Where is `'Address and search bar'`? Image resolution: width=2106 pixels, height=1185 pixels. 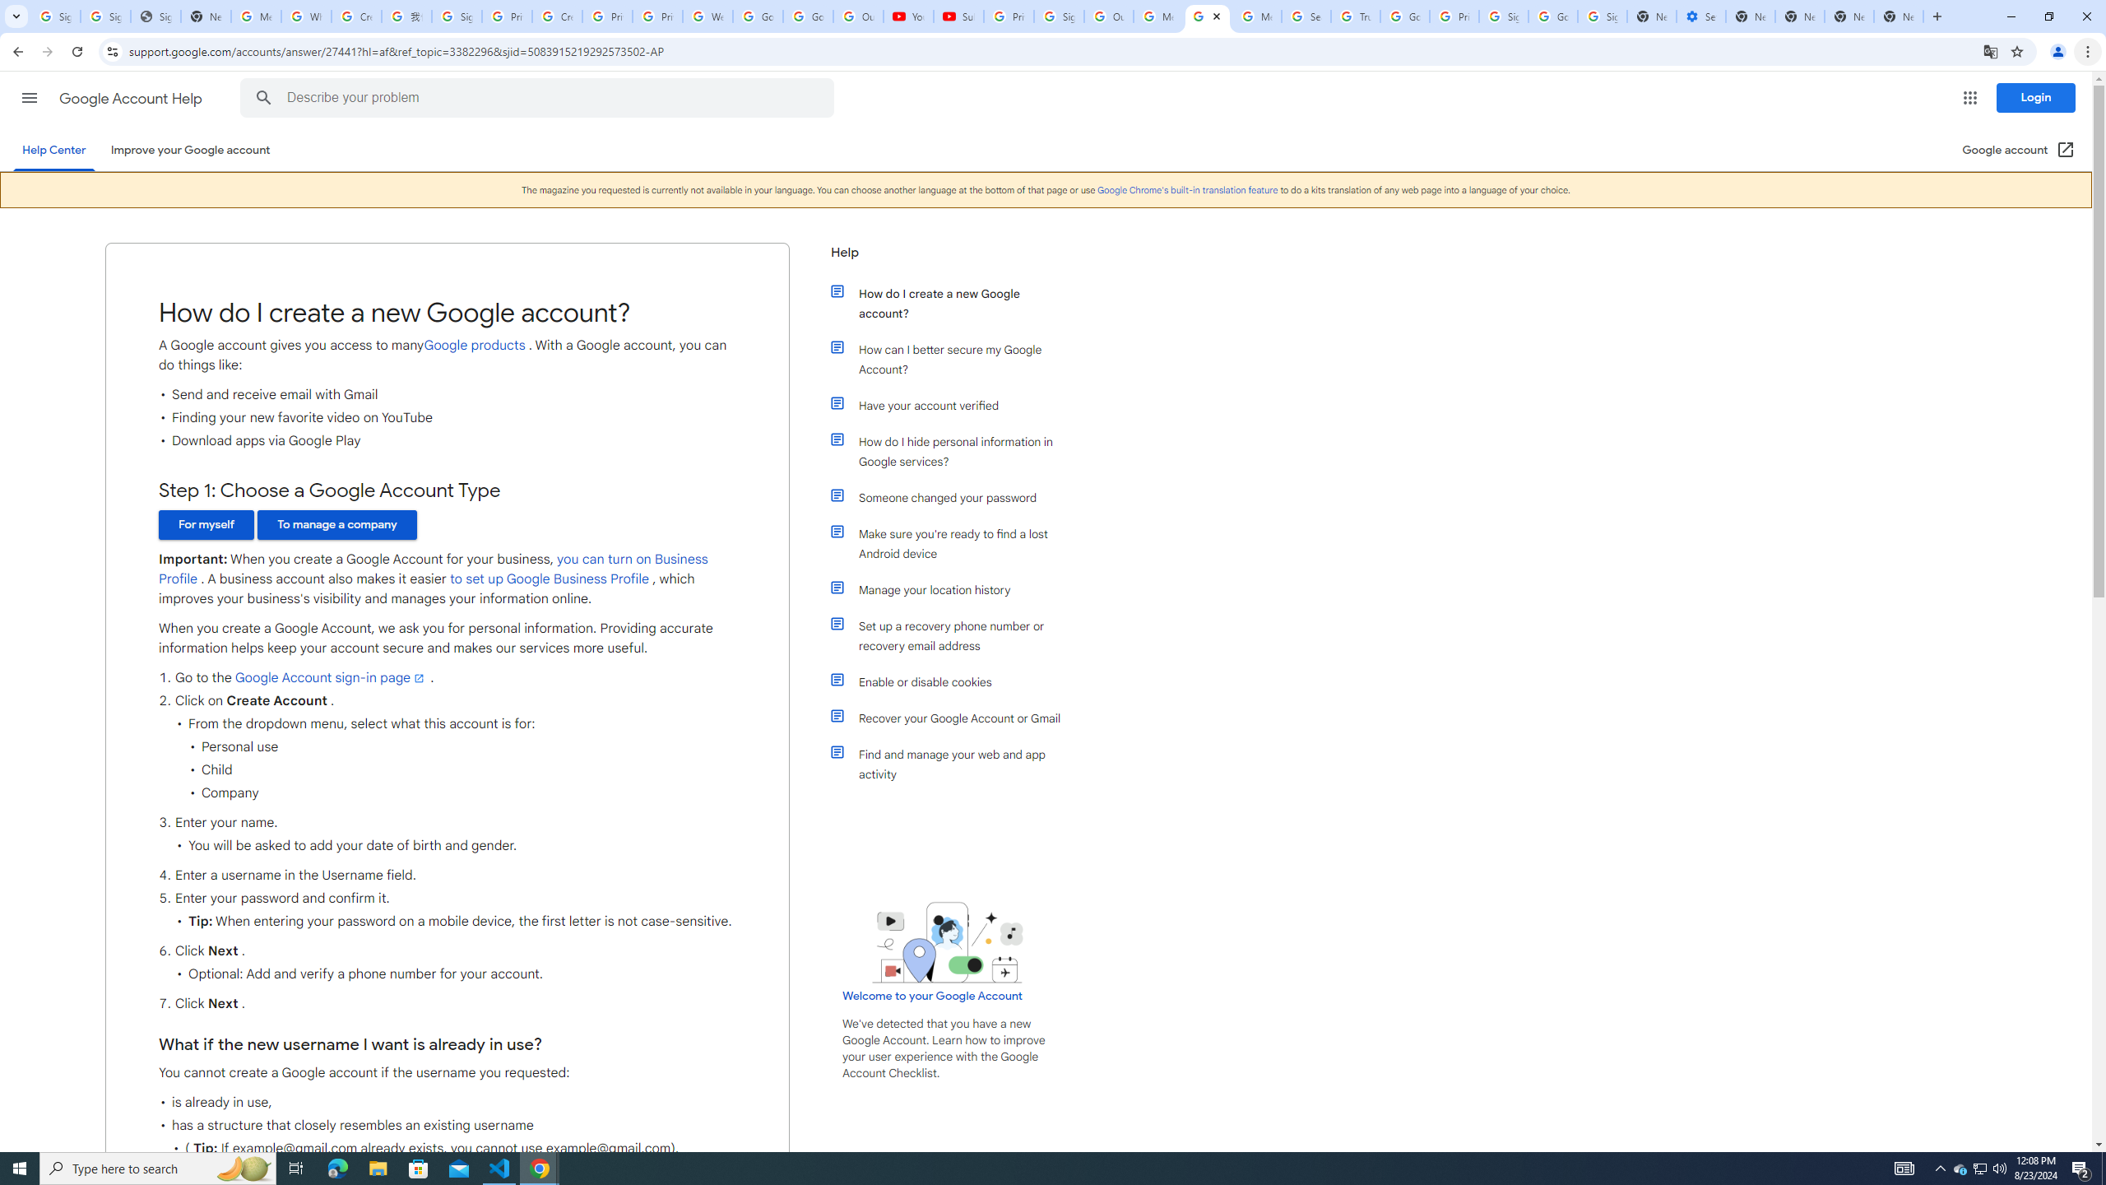
'Address and search bar' is located at coordinates (1051, 50).